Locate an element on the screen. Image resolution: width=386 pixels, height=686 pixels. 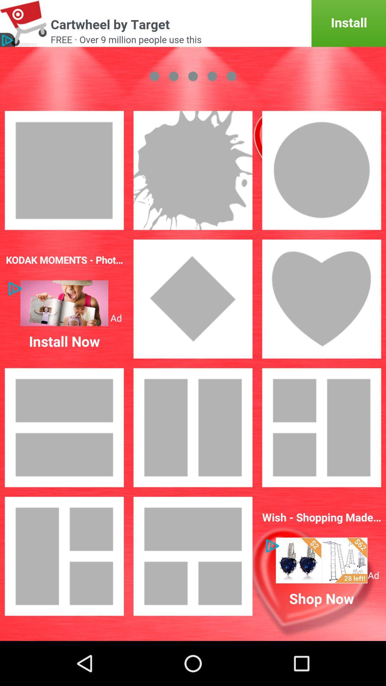
the second circle from the left at the top of the page is located at coordinates (174, 76).